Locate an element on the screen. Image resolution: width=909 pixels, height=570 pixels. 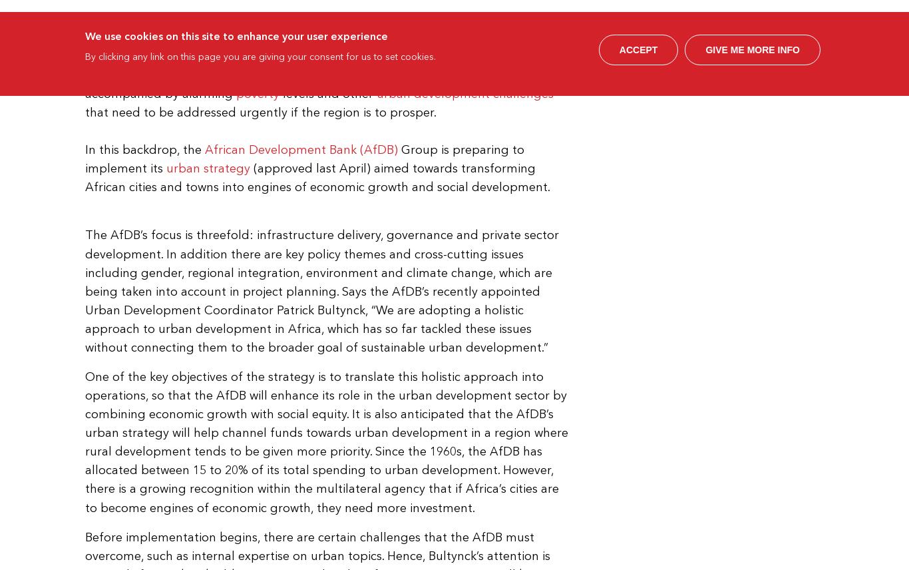
'that need to be addressed urgently if the region is to prosper.' is located at coordinates (260, 112).